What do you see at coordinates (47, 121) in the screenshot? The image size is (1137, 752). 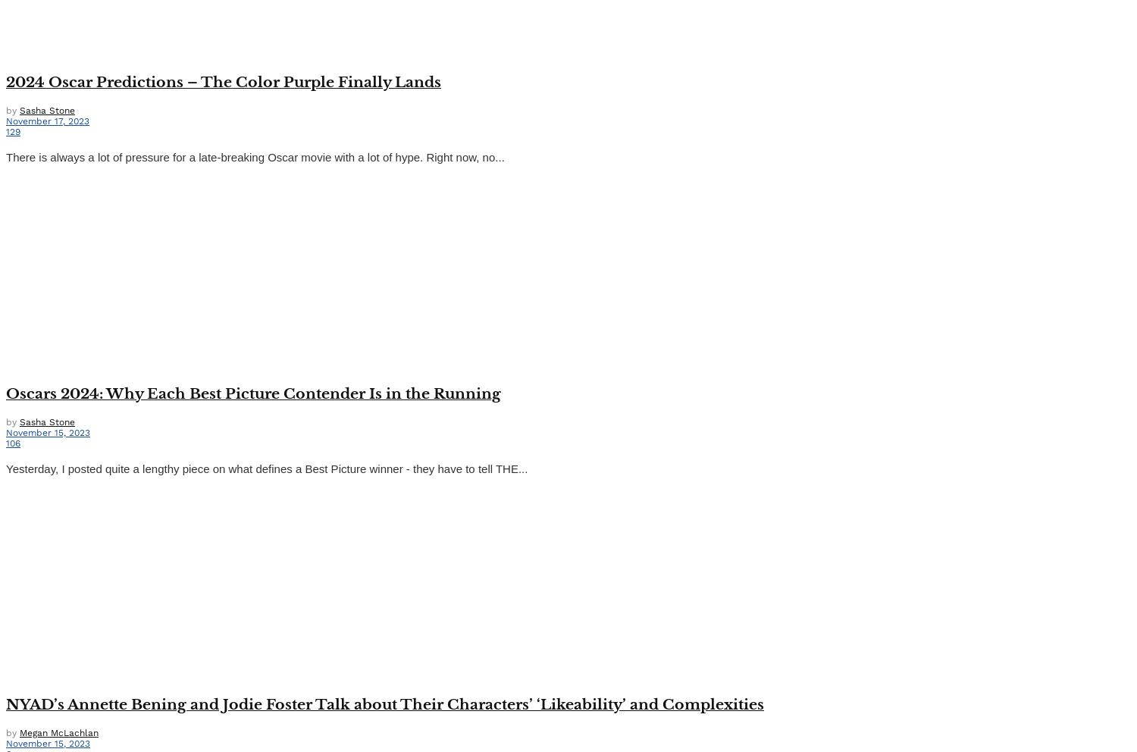 I see `'November 17, 2023'` at bounding box center [47, 121].